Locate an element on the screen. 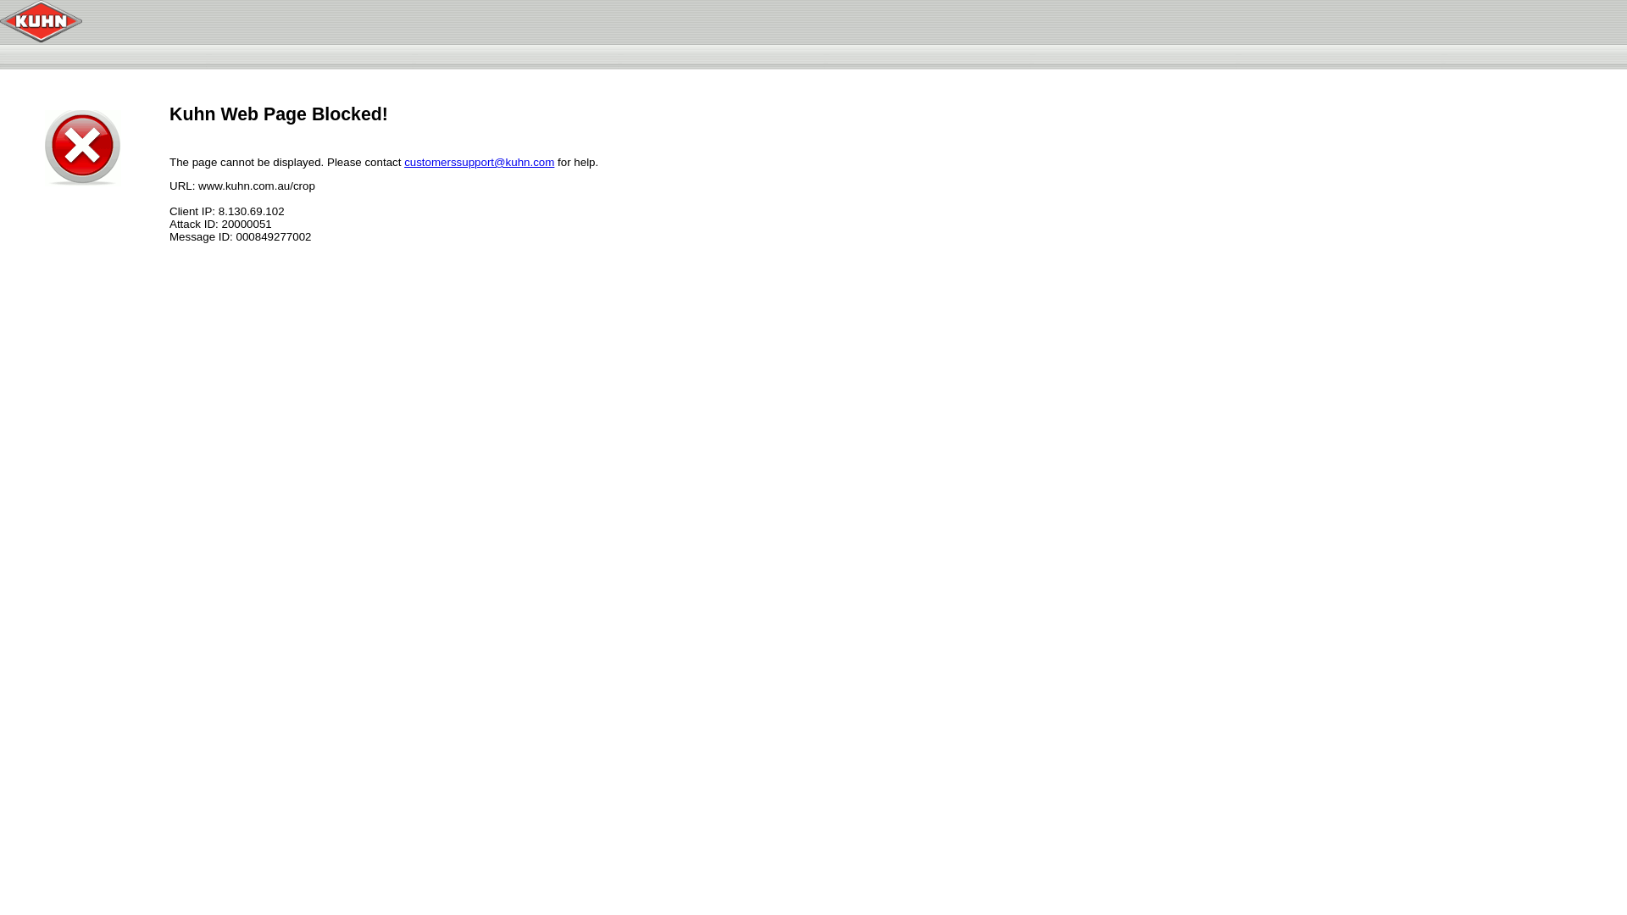 The height and width of the screenshot is (915, 1627). 'customerssupport@kuhn.com' is located at coordinates (478, 162).